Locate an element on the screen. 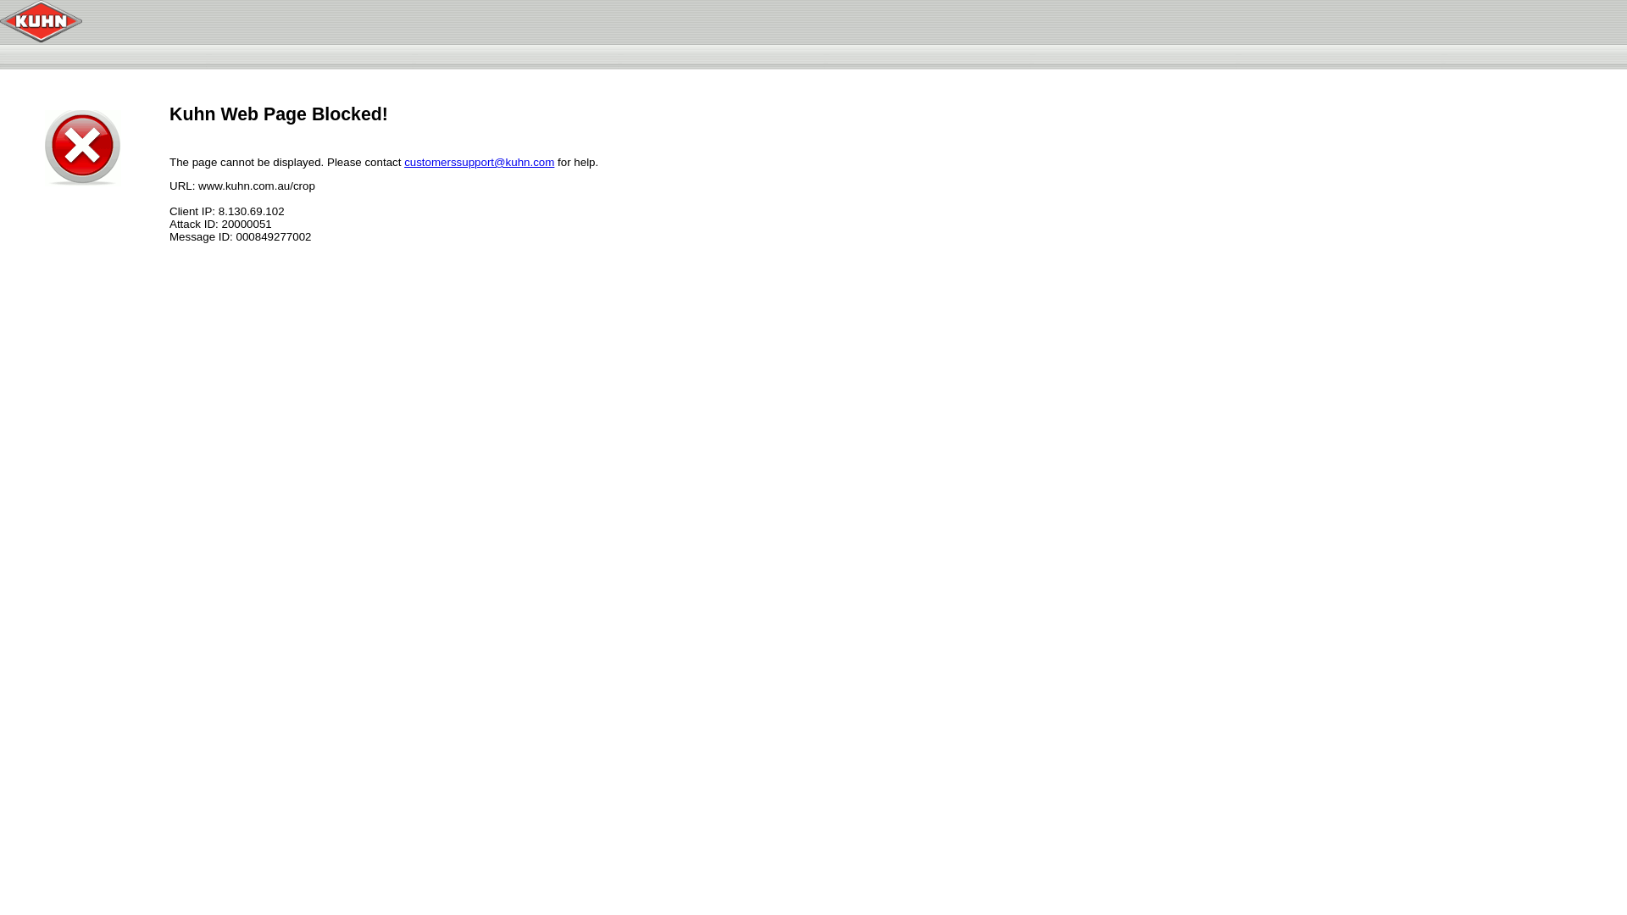 The height and width of the screenshot is (915, 1627). 'customerssupport@kuhn.com' is located at coordinates (478, 162).